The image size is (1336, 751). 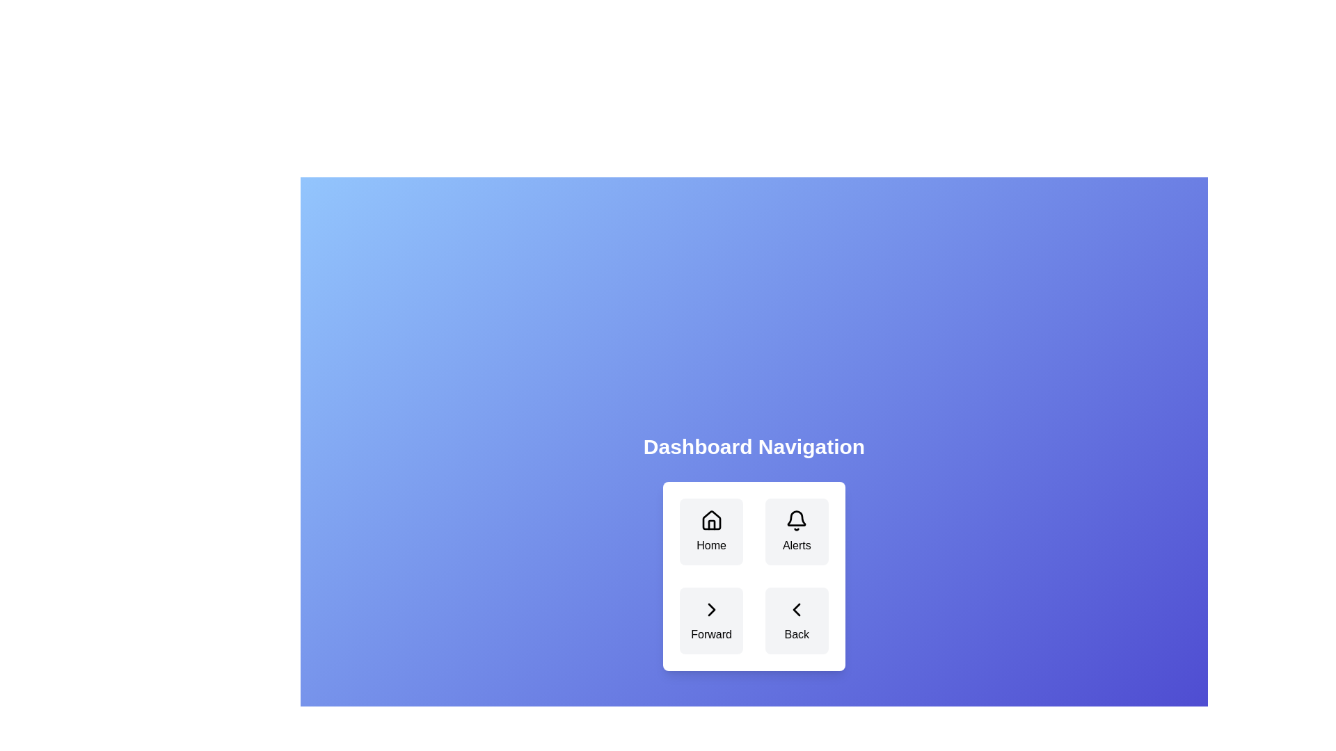 I want to click on the 'Dashboard Navigation' text label, which is styled in bold, large white font and positioned at the top center of the navigation section, so click(x=754, y=447).